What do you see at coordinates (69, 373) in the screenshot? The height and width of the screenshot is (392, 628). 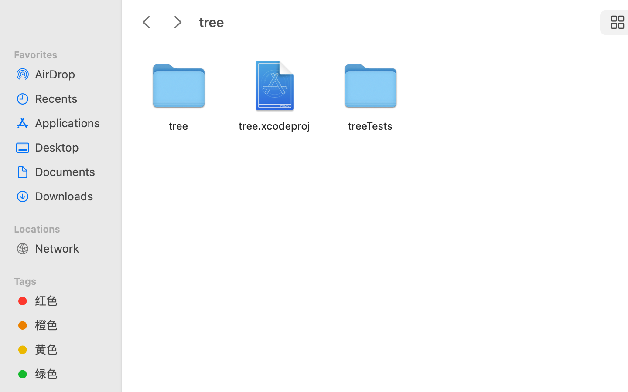 I see `'绿色'` at bounding box center [69, 373].